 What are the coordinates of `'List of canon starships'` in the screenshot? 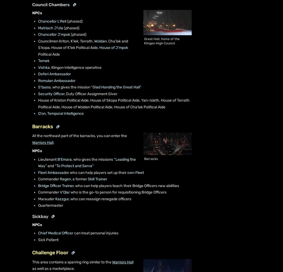 It's located at (69, 26).